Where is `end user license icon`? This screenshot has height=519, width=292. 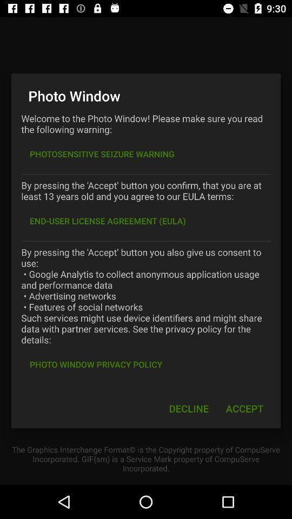 end user license icon is located at coordinates (108, 220).